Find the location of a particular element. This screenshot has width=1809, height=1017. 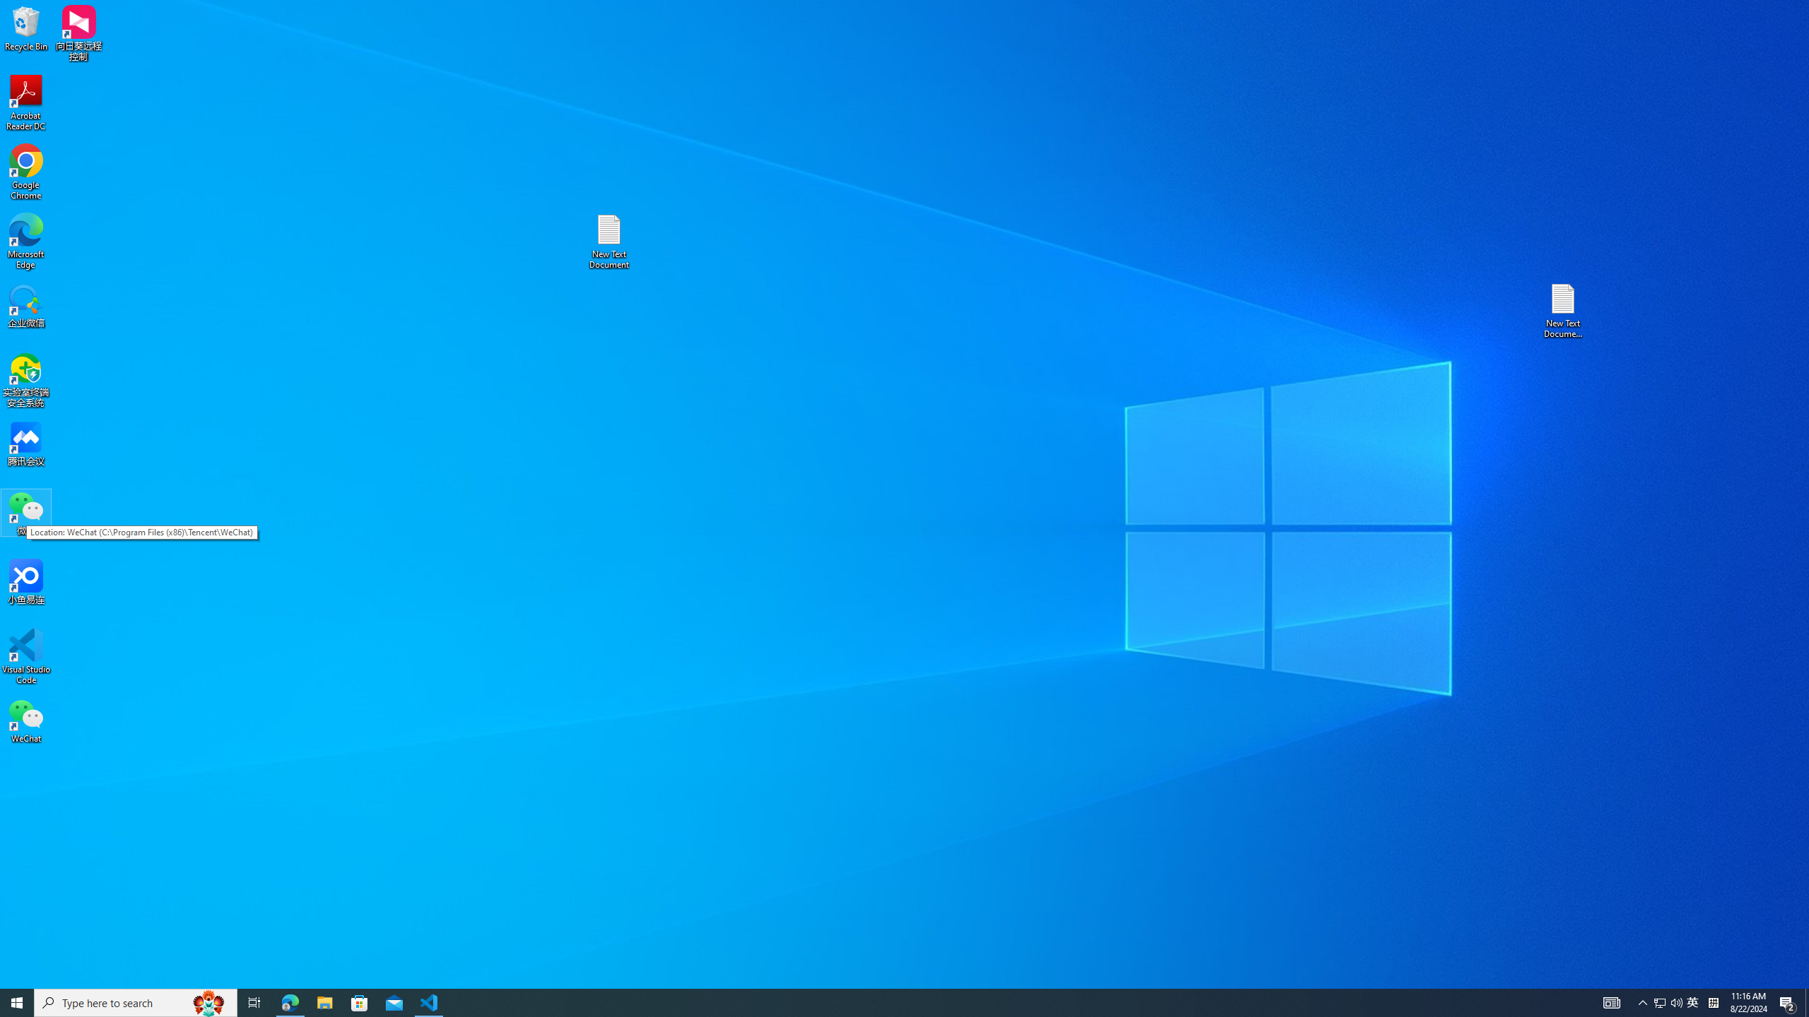

'Start' is located at coordinates (17, 1001).